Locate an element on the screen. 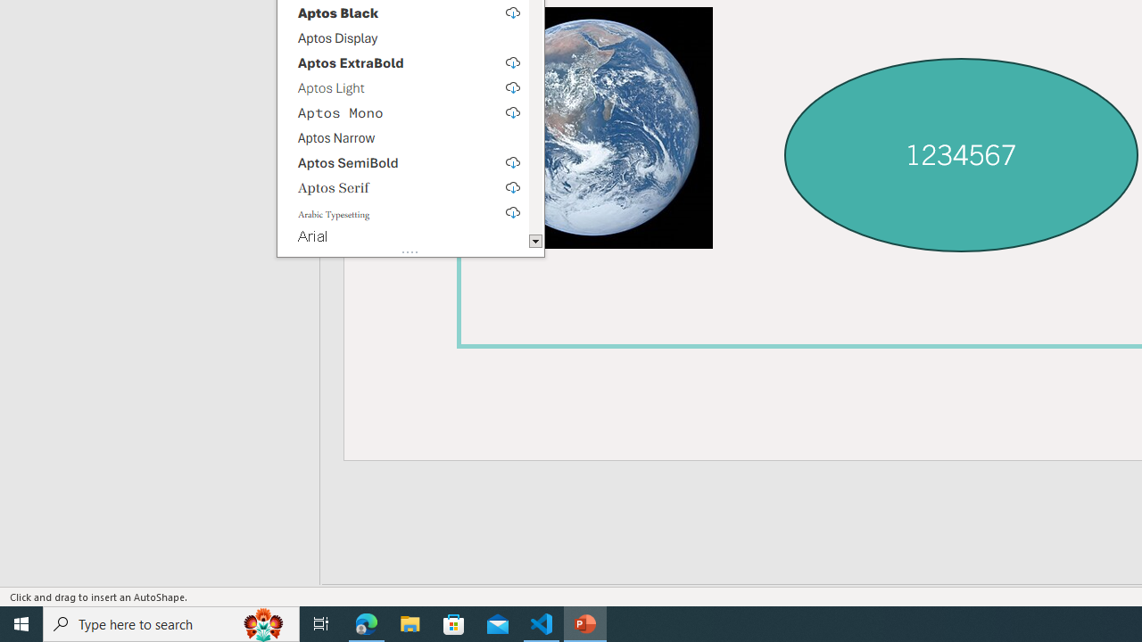 Image resolution: width=1142 pixels, height=642 pixels. 'Aptos ExtraBold, select to download' is located at coordinates (401, 62).